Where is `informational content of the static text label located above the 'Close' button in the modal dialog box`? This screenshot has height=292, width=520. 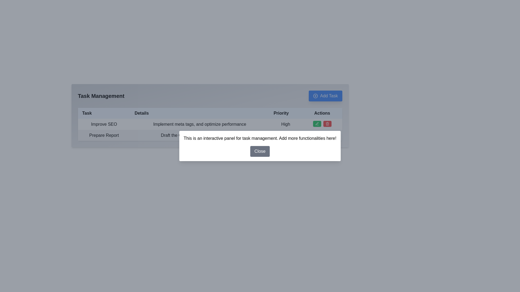
informational content of the static text label located above the 'Close' button in the modal dialog box is located at coordinates (260, 138).